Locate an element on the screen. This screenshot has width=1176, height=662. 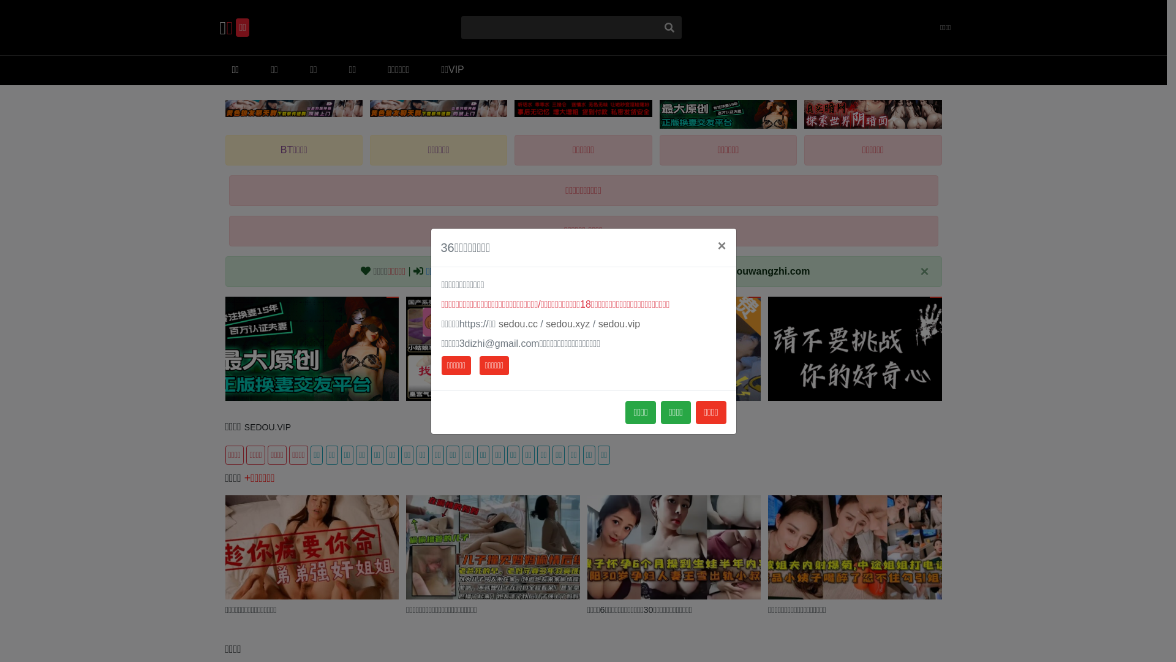
'sedouwangzhi.com' is located at coordinates (764, 270).